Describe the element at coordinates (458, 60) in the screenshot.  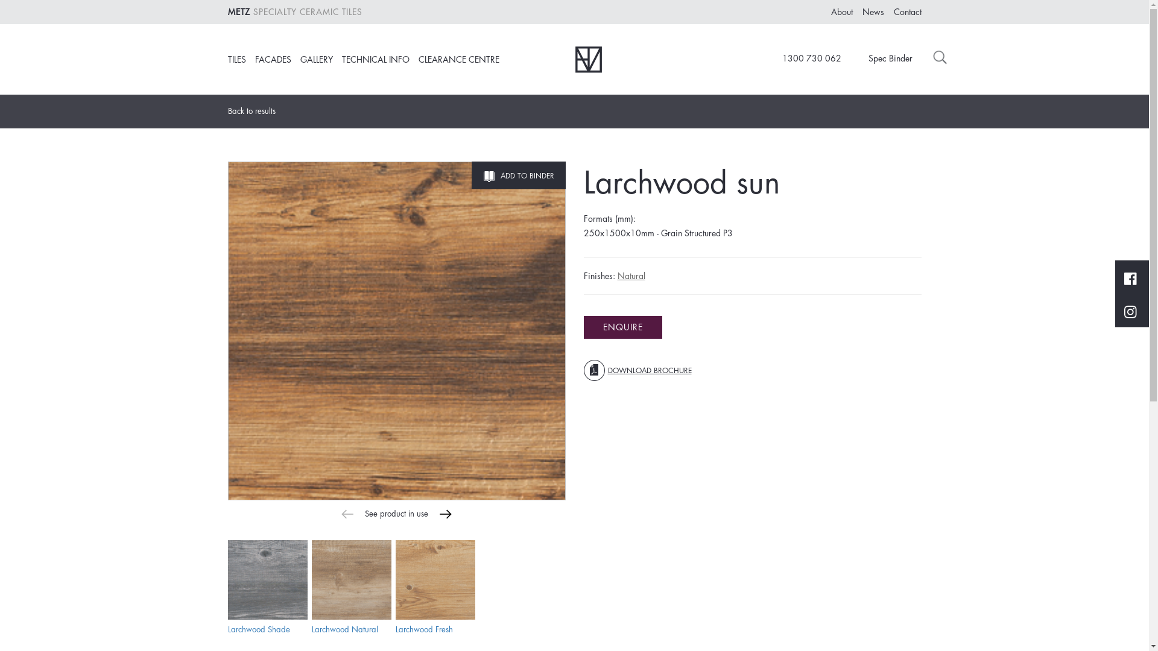
I see `'CLEARANCE CENTRE'` at that location.